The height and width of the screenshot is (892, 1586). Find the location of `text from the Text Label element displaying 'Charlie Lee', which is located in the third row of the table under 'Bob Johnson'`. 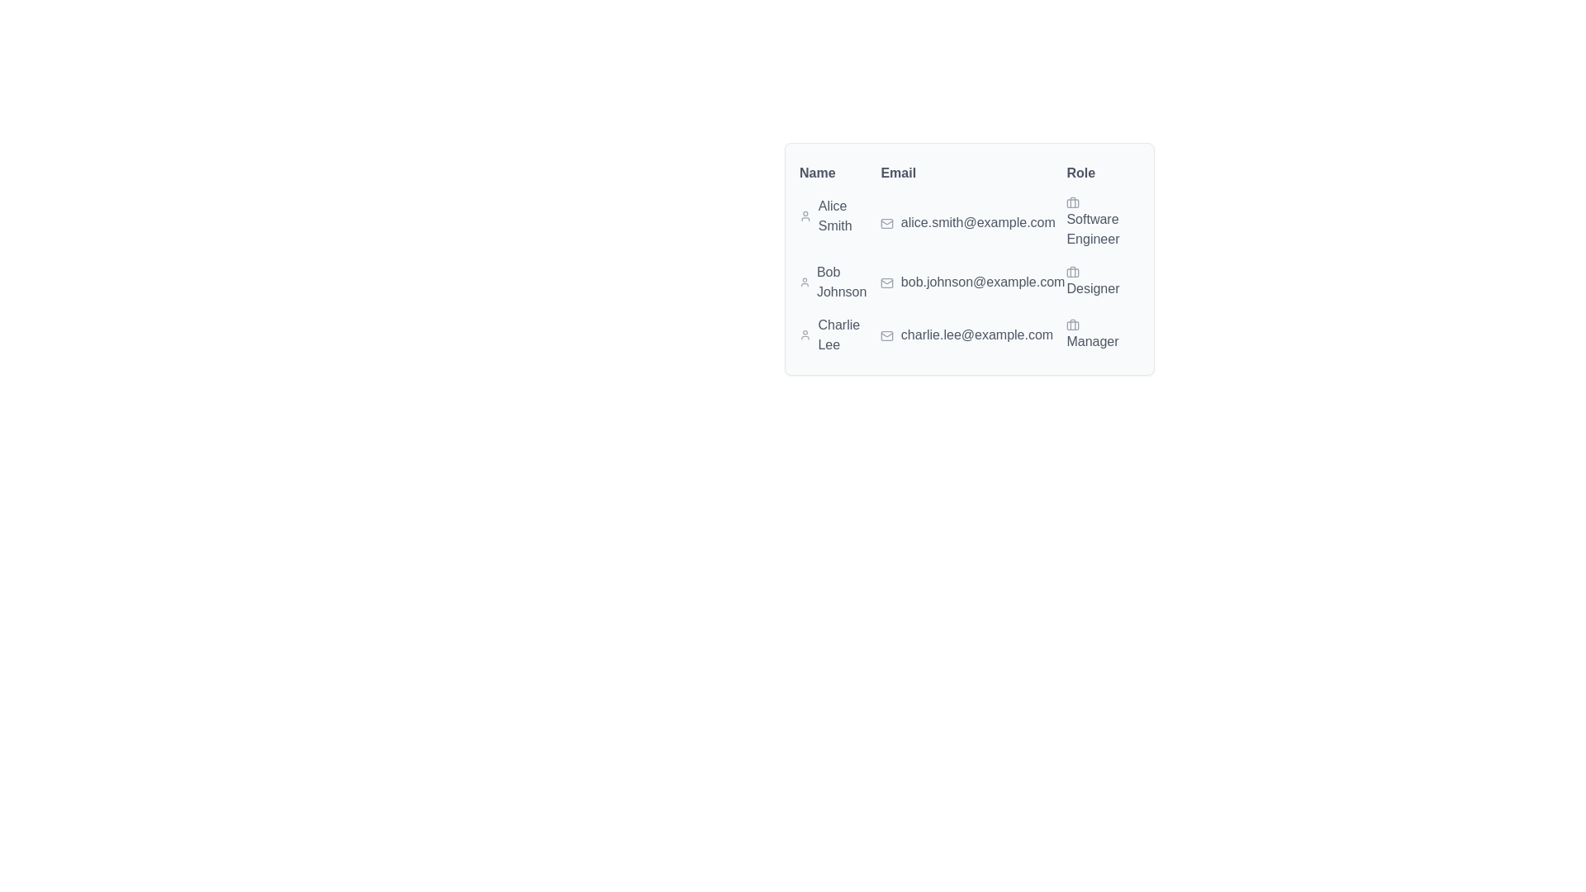

text from the Text Label element displaying 'Charlie Lee', which is located in the third row of the table under 'Bob Johnson' is located at coordinates (839, 334).